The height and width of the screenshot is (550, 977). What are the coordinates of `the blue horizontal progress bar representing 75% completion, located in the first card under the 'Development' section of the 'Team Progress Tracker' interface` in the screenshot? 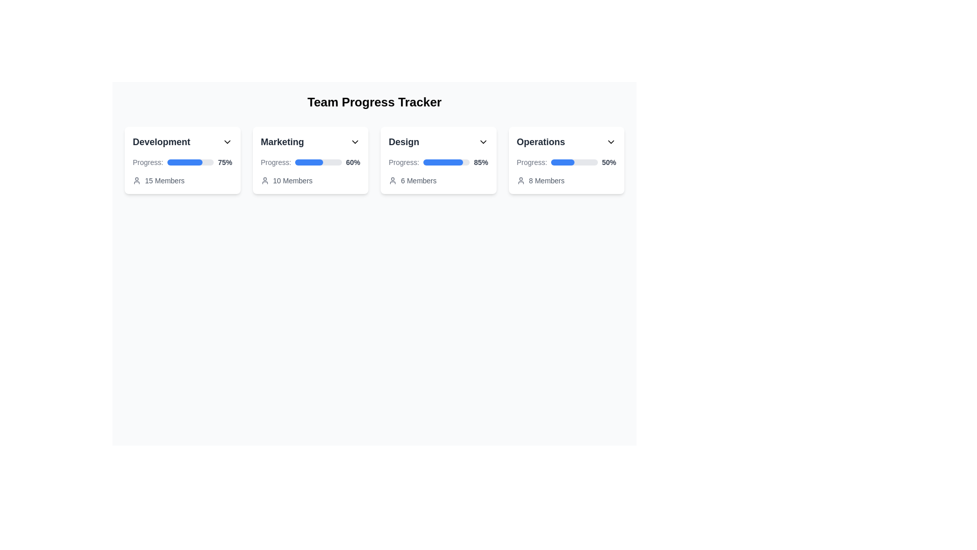 It's located at (185, 162).